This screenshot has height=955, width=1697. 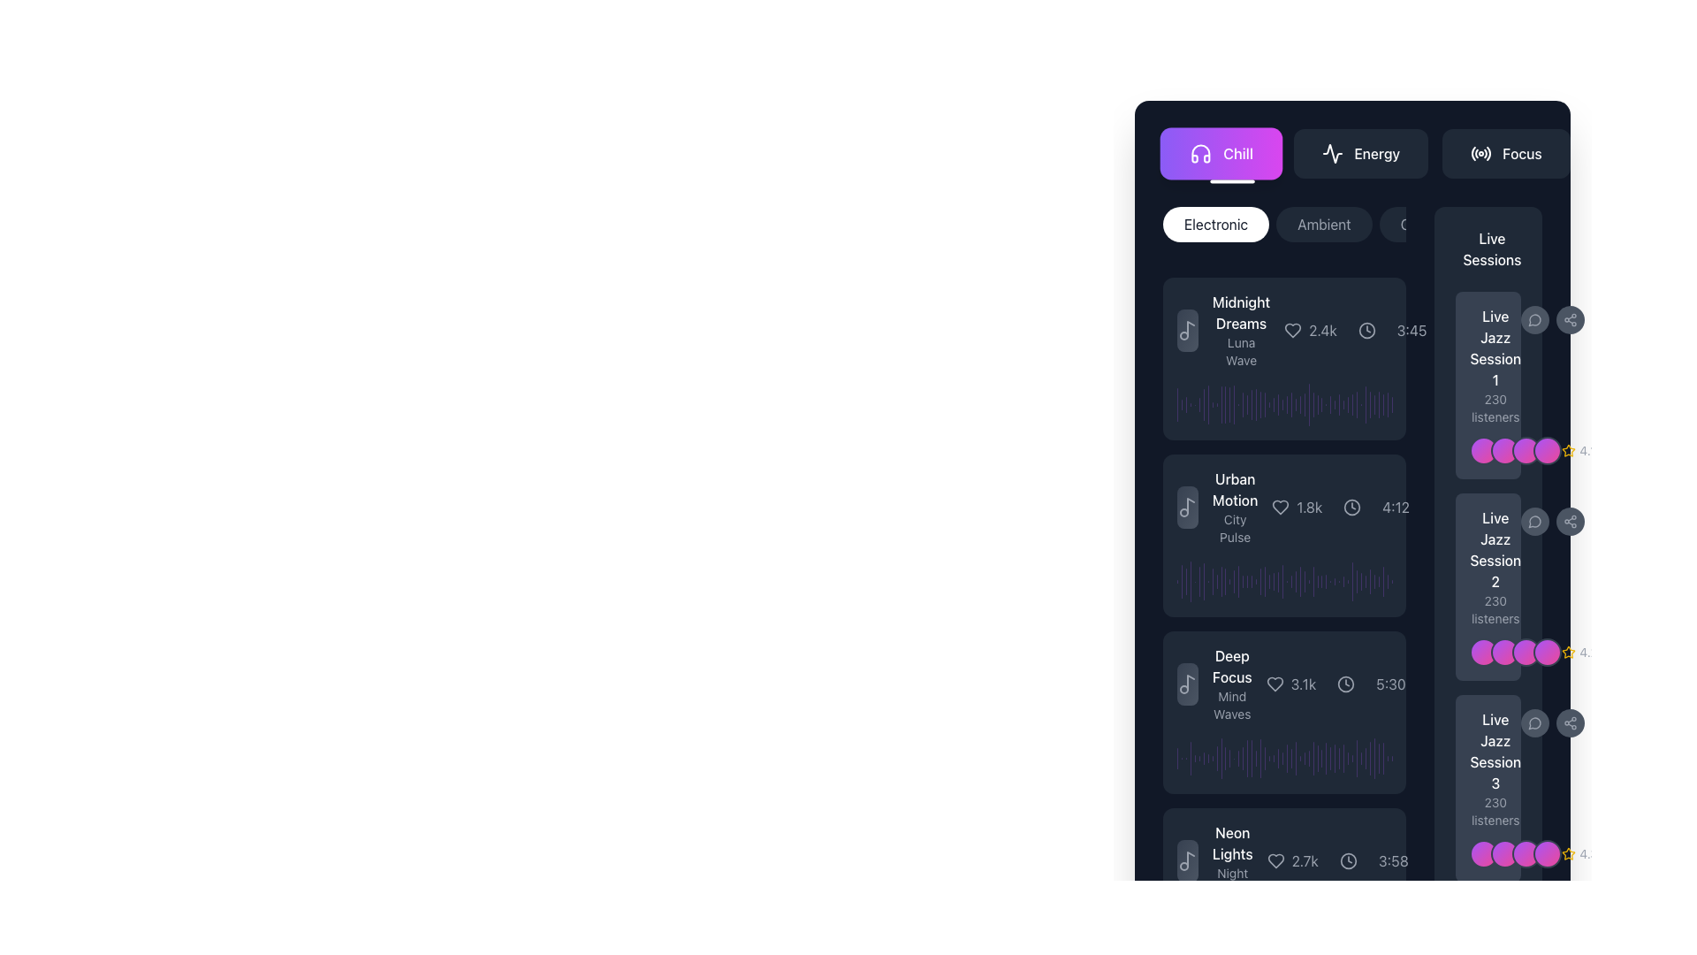 I want to click on the 42nd vertical purple graphical bar with rounded ends, located in the right section of the interface, so click(x=1365, y=582).